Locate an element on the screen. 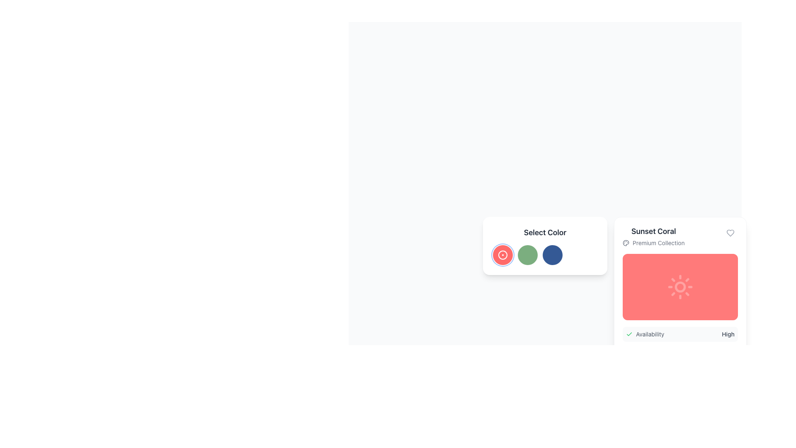 This screenshot has height=448, width=796. the visual representation of the Circular graphical icon located at the center of the sunburst within the 'Sunset Coral' card in the color selection interface is located at coordinates (680, 286).